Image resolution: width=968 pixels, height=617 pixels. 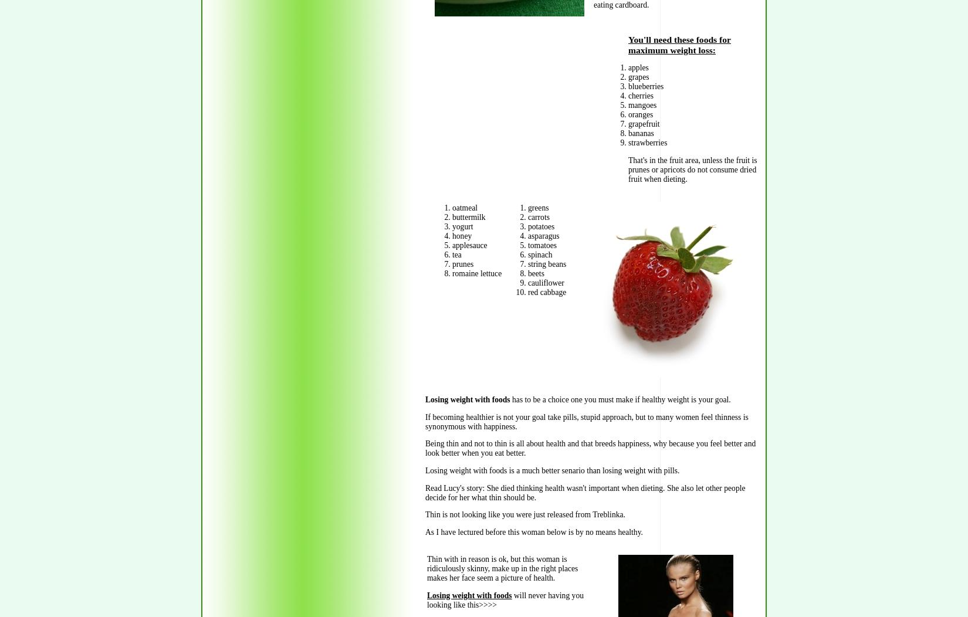 What do you see at coordinates (546, 282) in the screenshot?
I see `'cauliflower'` at bounding box center [546, 282].